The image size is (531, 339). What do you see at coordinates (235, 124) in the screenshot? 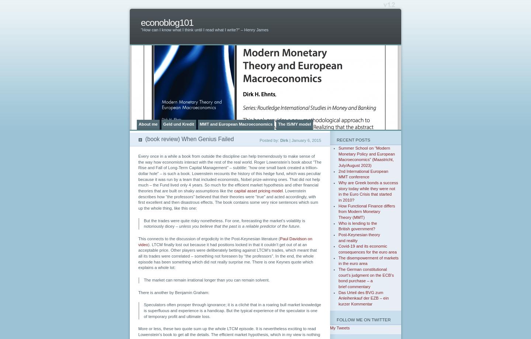
I see `'MMT and European Macroeconomics'` at bounding box center [235, 124].